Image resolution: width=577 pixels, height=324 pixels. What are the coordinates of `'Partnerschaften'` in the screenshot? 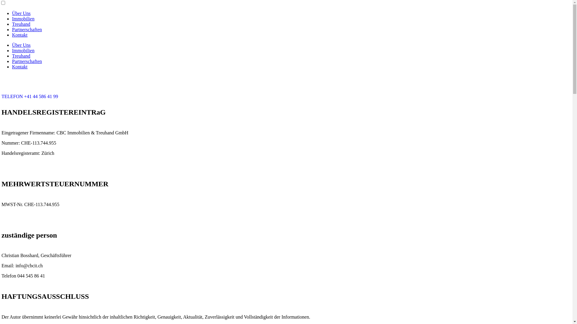 It's located at (27, 29).